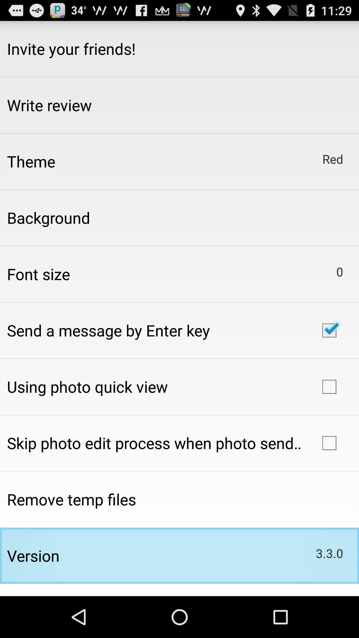 The height and width of the screenshot is (638, 359). What do you see at coordinates (154, 443) in the screenshot?
I see `the skip photo edit item` at bounding box center [154, 443].